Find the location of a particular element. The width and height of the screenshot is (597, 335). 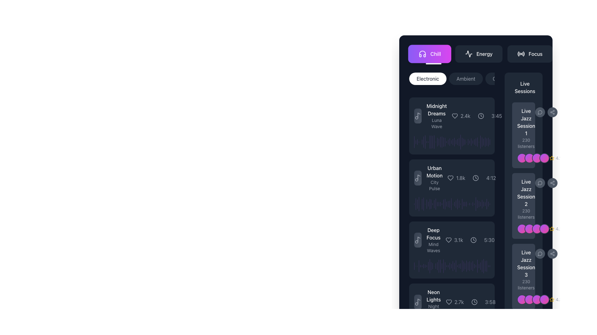

the Rating display component, which features a small yellow star icon and a numeric rating '4.3', located at the bottom-right corner of the section is located at coordinates (556, 299).